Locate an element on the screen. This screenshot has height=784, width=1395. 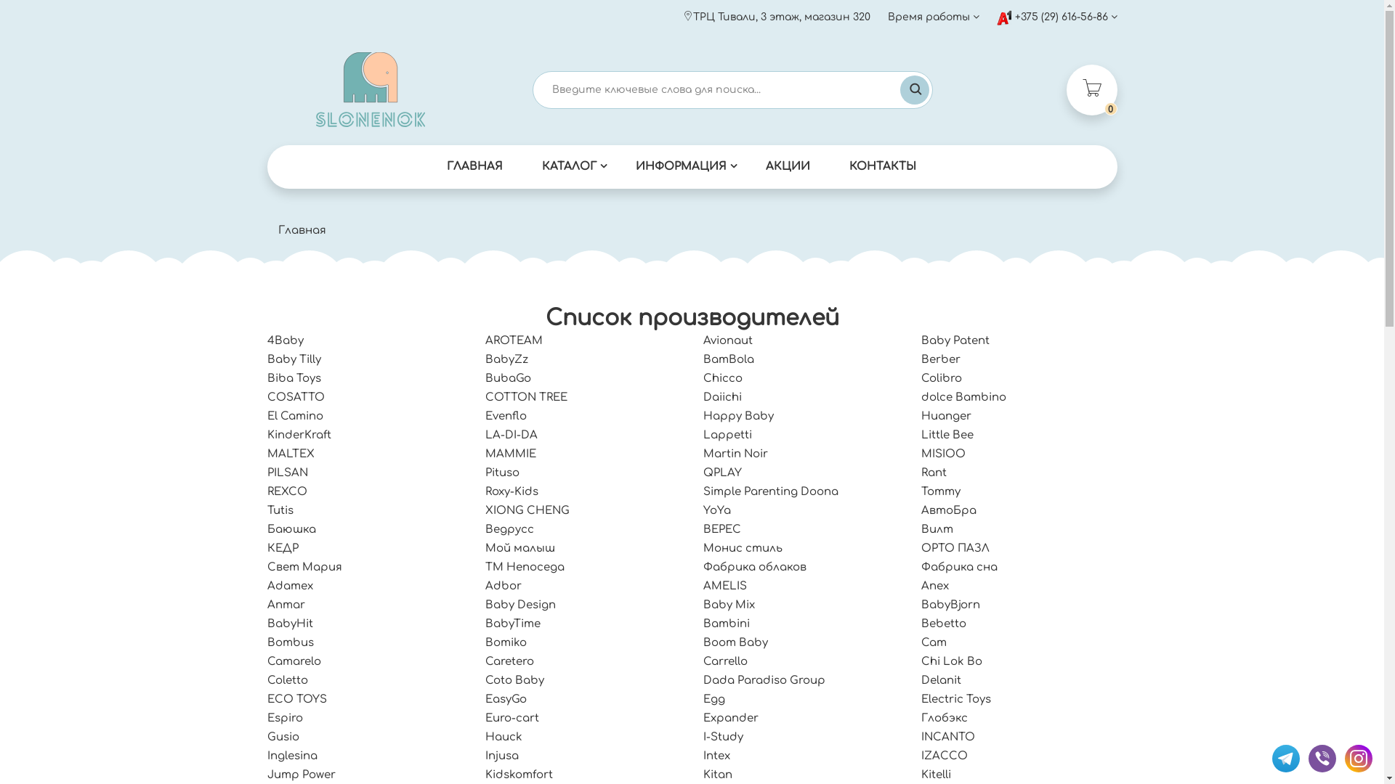
'Electric Toys' is located at coordinates (955, 698).